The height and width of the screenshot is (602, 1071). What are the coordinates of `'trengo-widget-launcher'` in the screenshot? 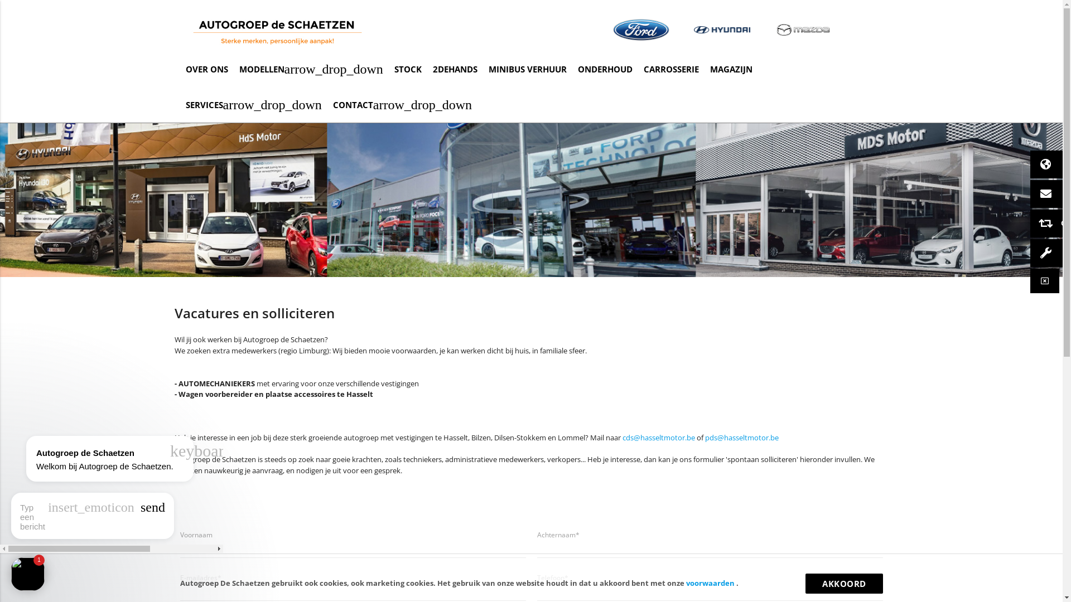 It's located at (27, 574).